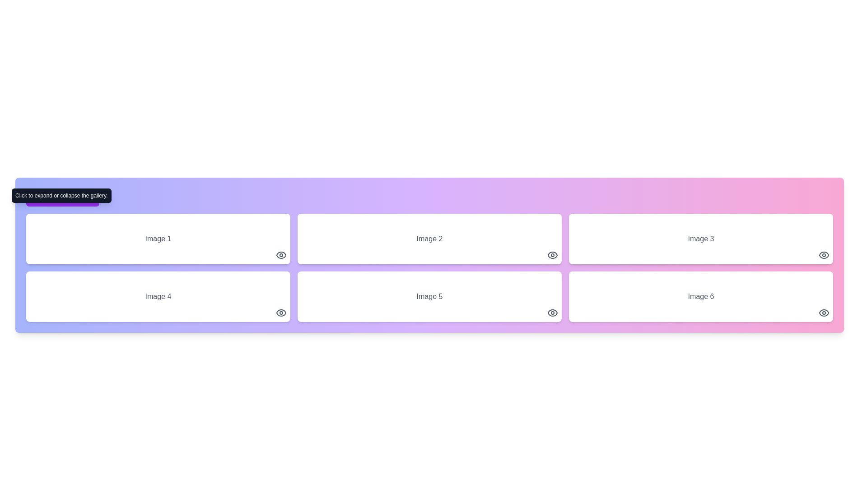  I want to click on the eye icon in the bottom-right corner of the 'Image 2' card, so click(552, 255).